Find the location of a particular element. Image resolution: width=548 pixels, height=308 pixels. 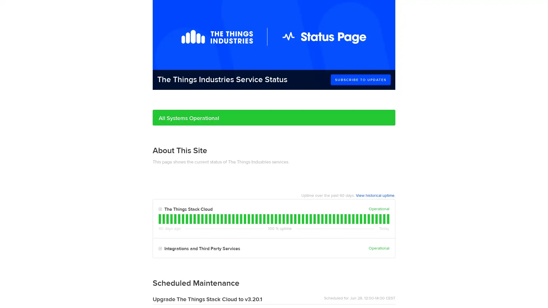

Toggle The Things Stack Cloud is located at coordinates (160, 209).